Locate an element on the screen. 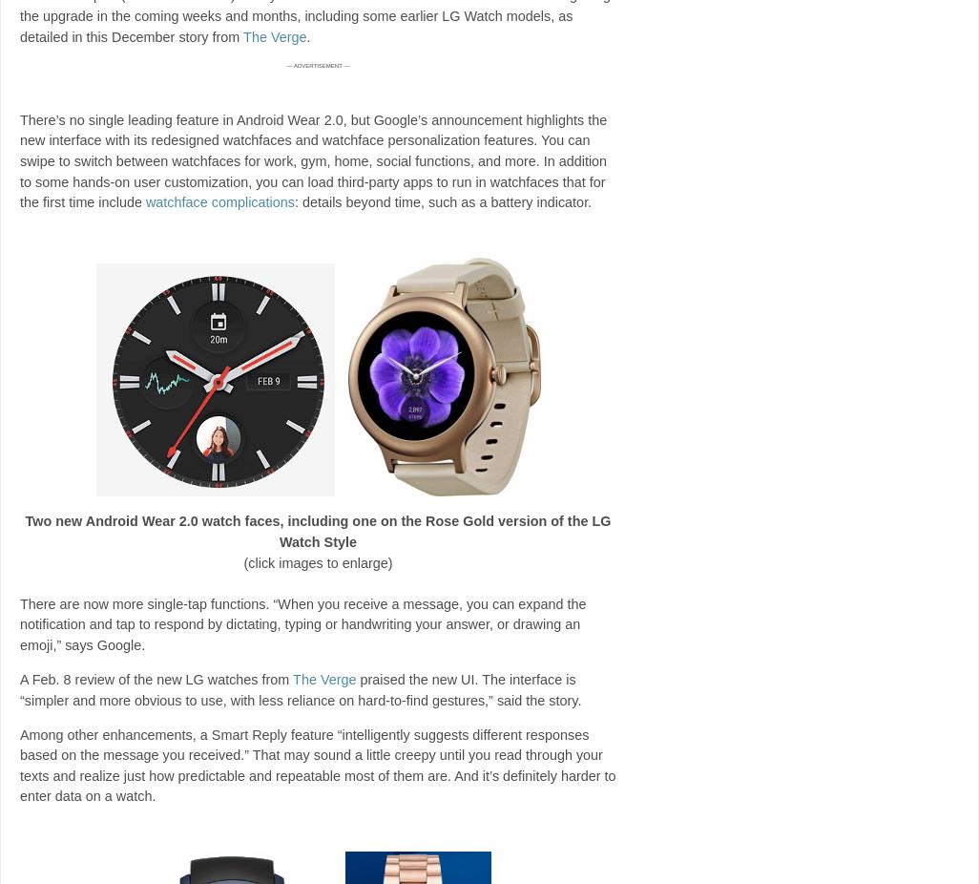 This screenshot has height=884, width=979. '.' is located at coordinates (306, 34).